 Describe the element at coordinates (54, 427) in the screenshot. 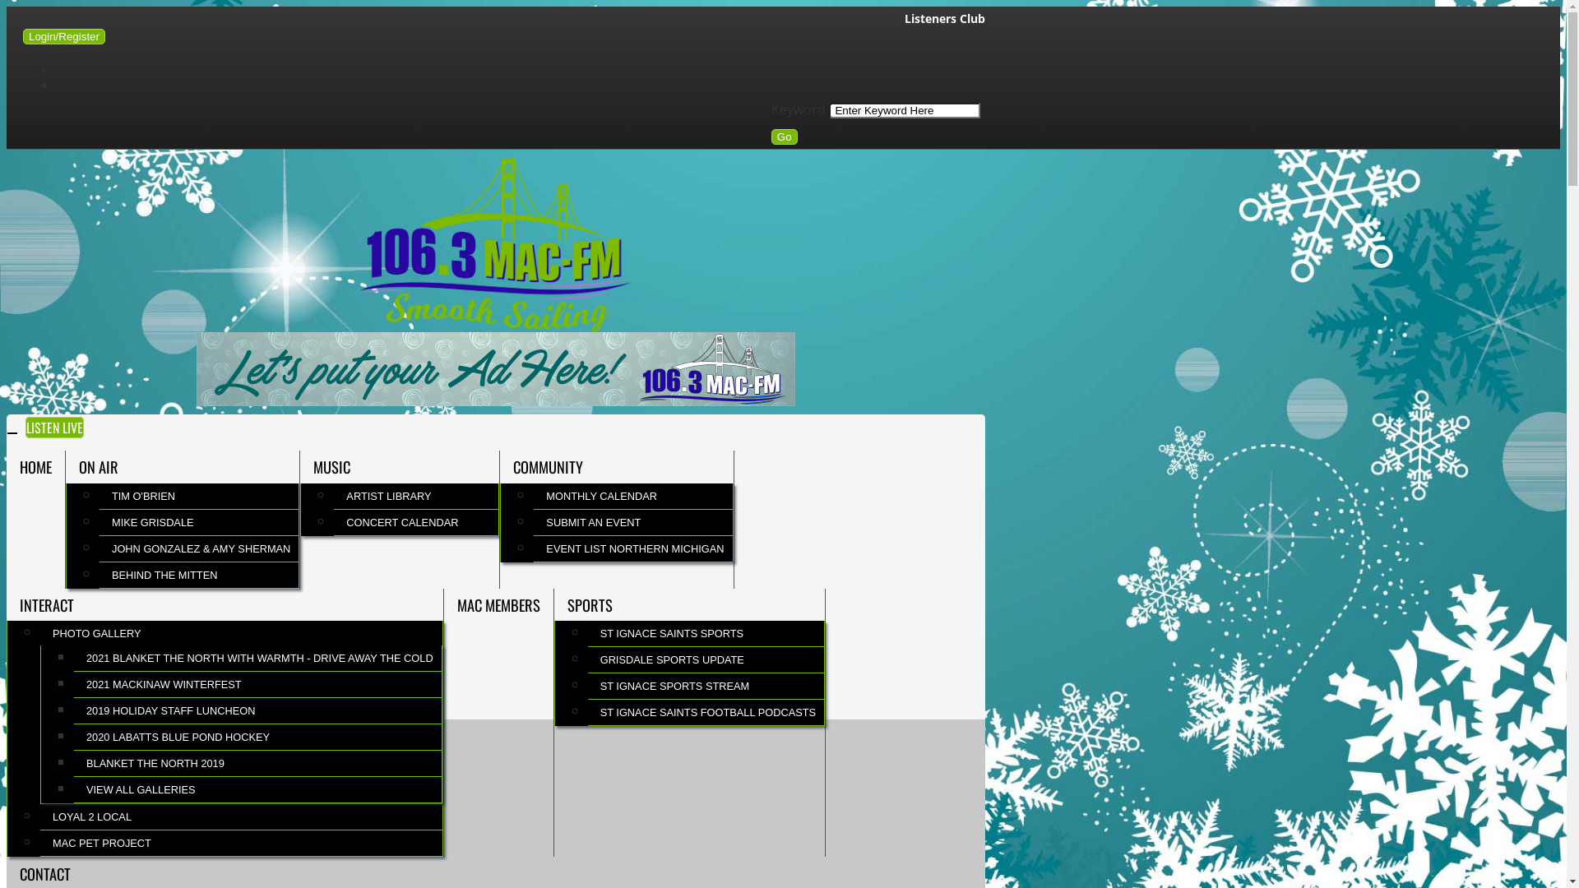

I see `'LISTEN LIVE'` at that location.